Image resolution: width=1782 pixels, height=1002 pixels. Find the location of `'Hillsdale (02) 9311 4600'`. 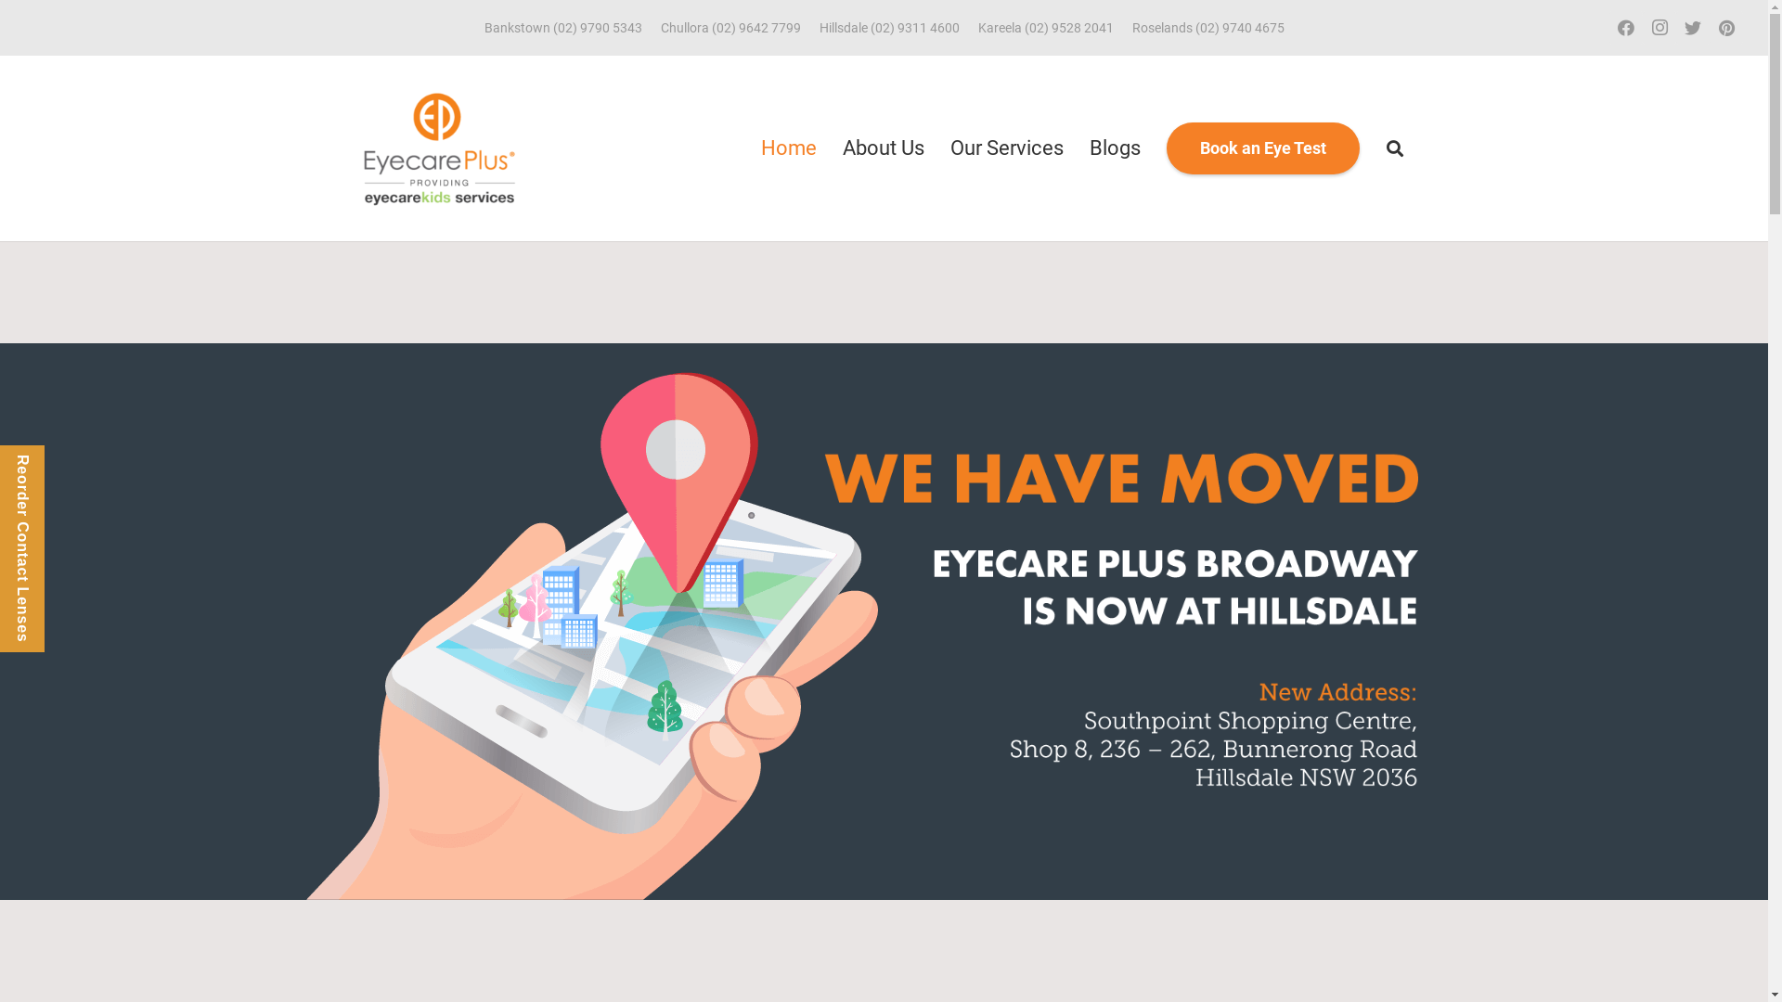

'Hillsdale (02) 9311 4600' is located at coordinates (887, 28).